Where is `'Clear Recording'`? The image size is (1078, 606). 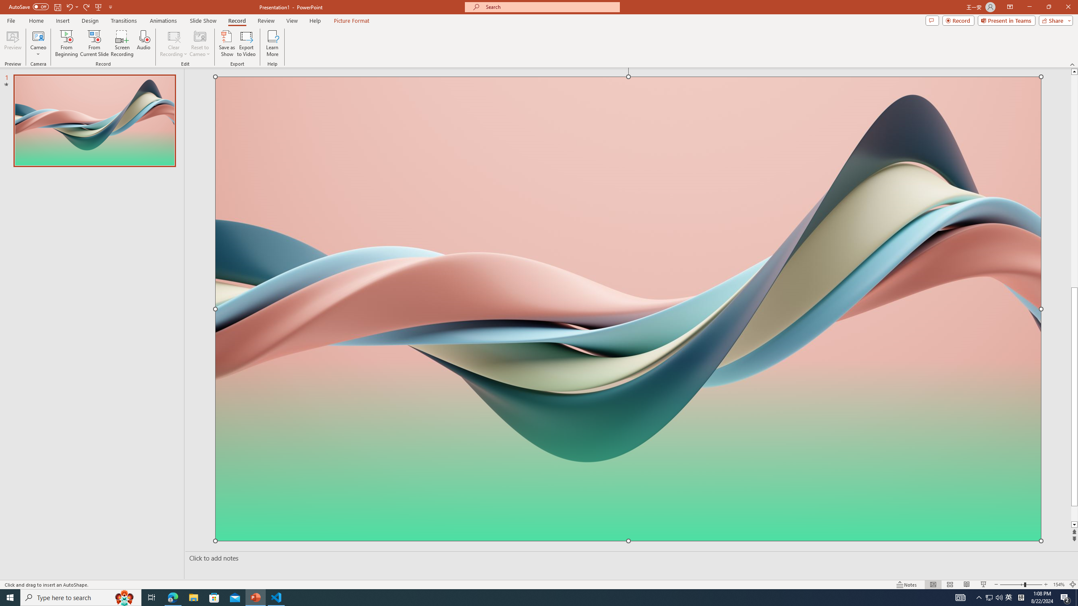
'Clear Recording' is located at coordinates (173, 43).